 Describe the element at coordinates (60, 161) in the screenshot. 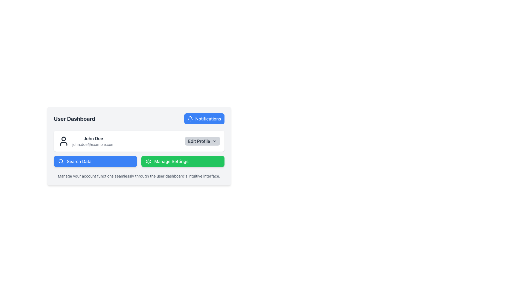

I see `the central circle representing the lens of the magnifying glass icon located in the middle left section of the blue 'Search Data' button` at that location.